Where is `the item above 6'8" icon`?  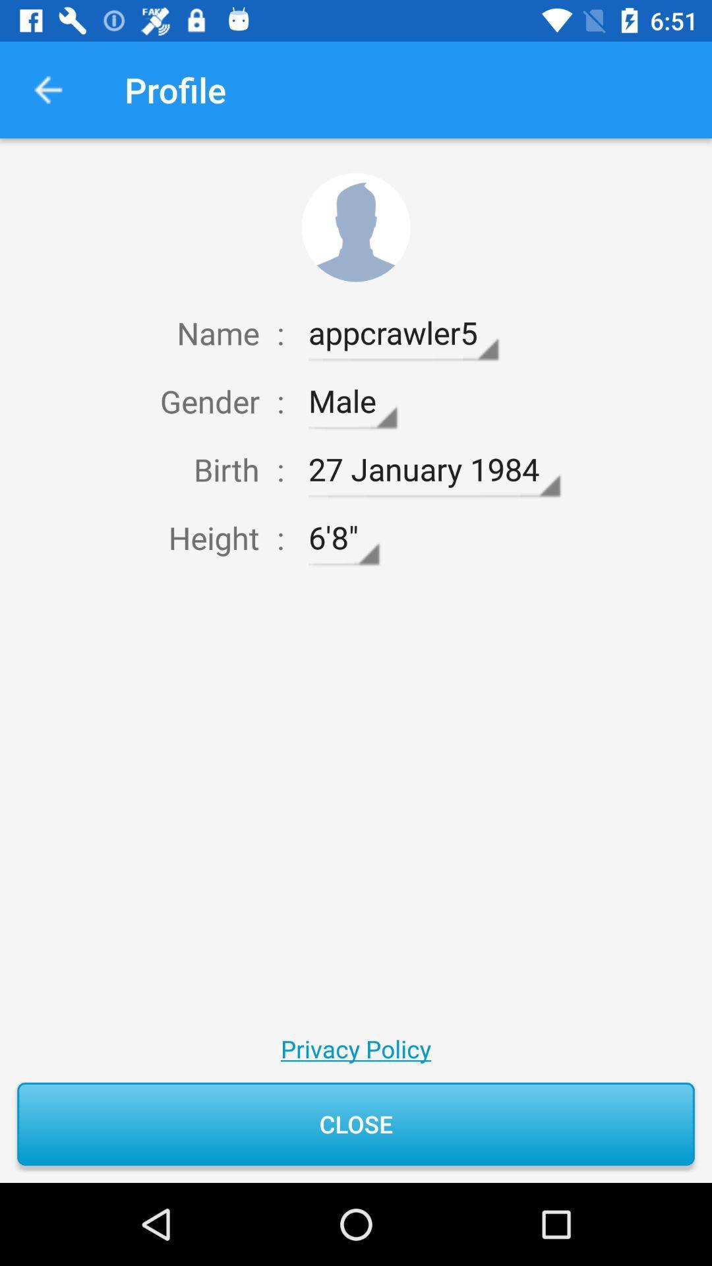
the item above 6'8" icon is located at coordinates (434, 469).